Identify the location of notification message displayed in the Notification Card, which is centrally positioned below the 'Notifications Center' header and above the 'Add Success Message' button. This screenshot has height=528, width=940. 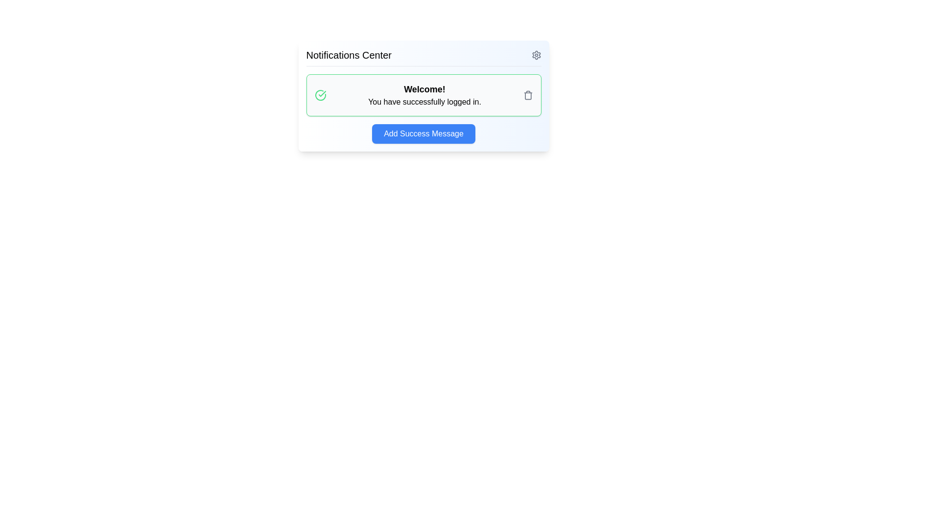
(423, 96).